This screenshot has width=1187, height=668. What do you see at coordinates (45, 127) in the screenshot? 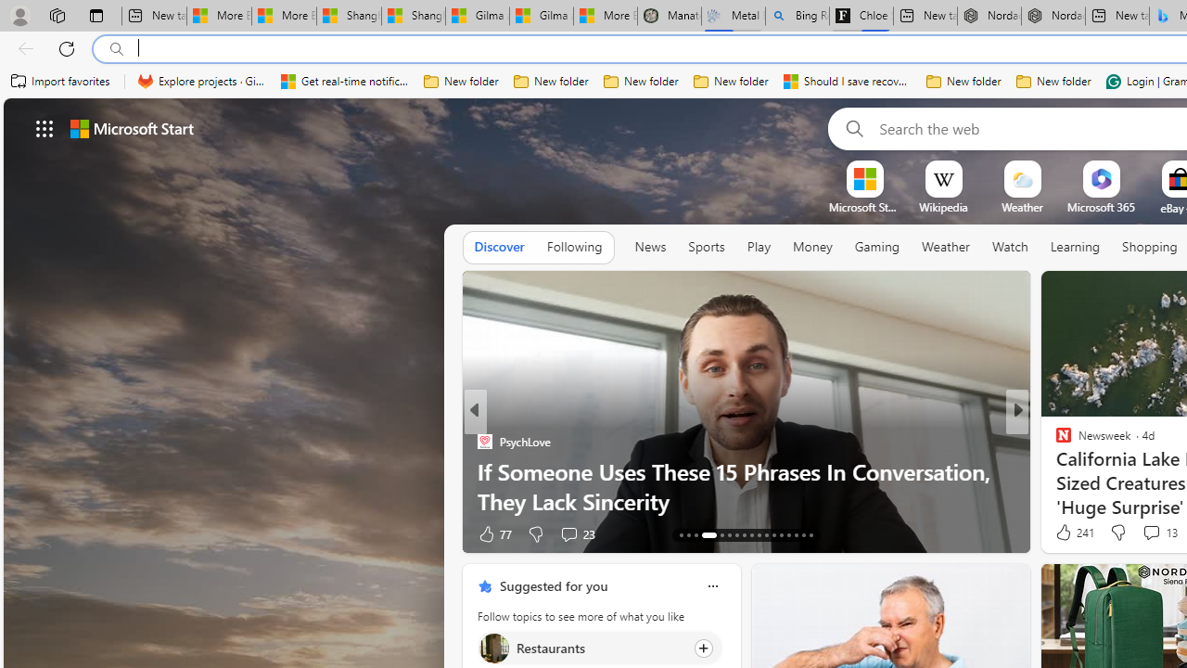
I see `'Class: control'` at bounding box center [45, 127].